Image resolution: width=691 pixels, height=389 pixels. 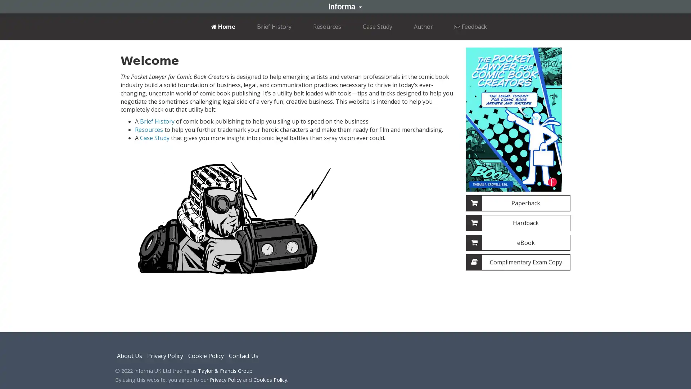 What do you see at coordinates (659, 374) in the screenshot?
I see `dismiss cookie message` at bounding box center [659, 374].